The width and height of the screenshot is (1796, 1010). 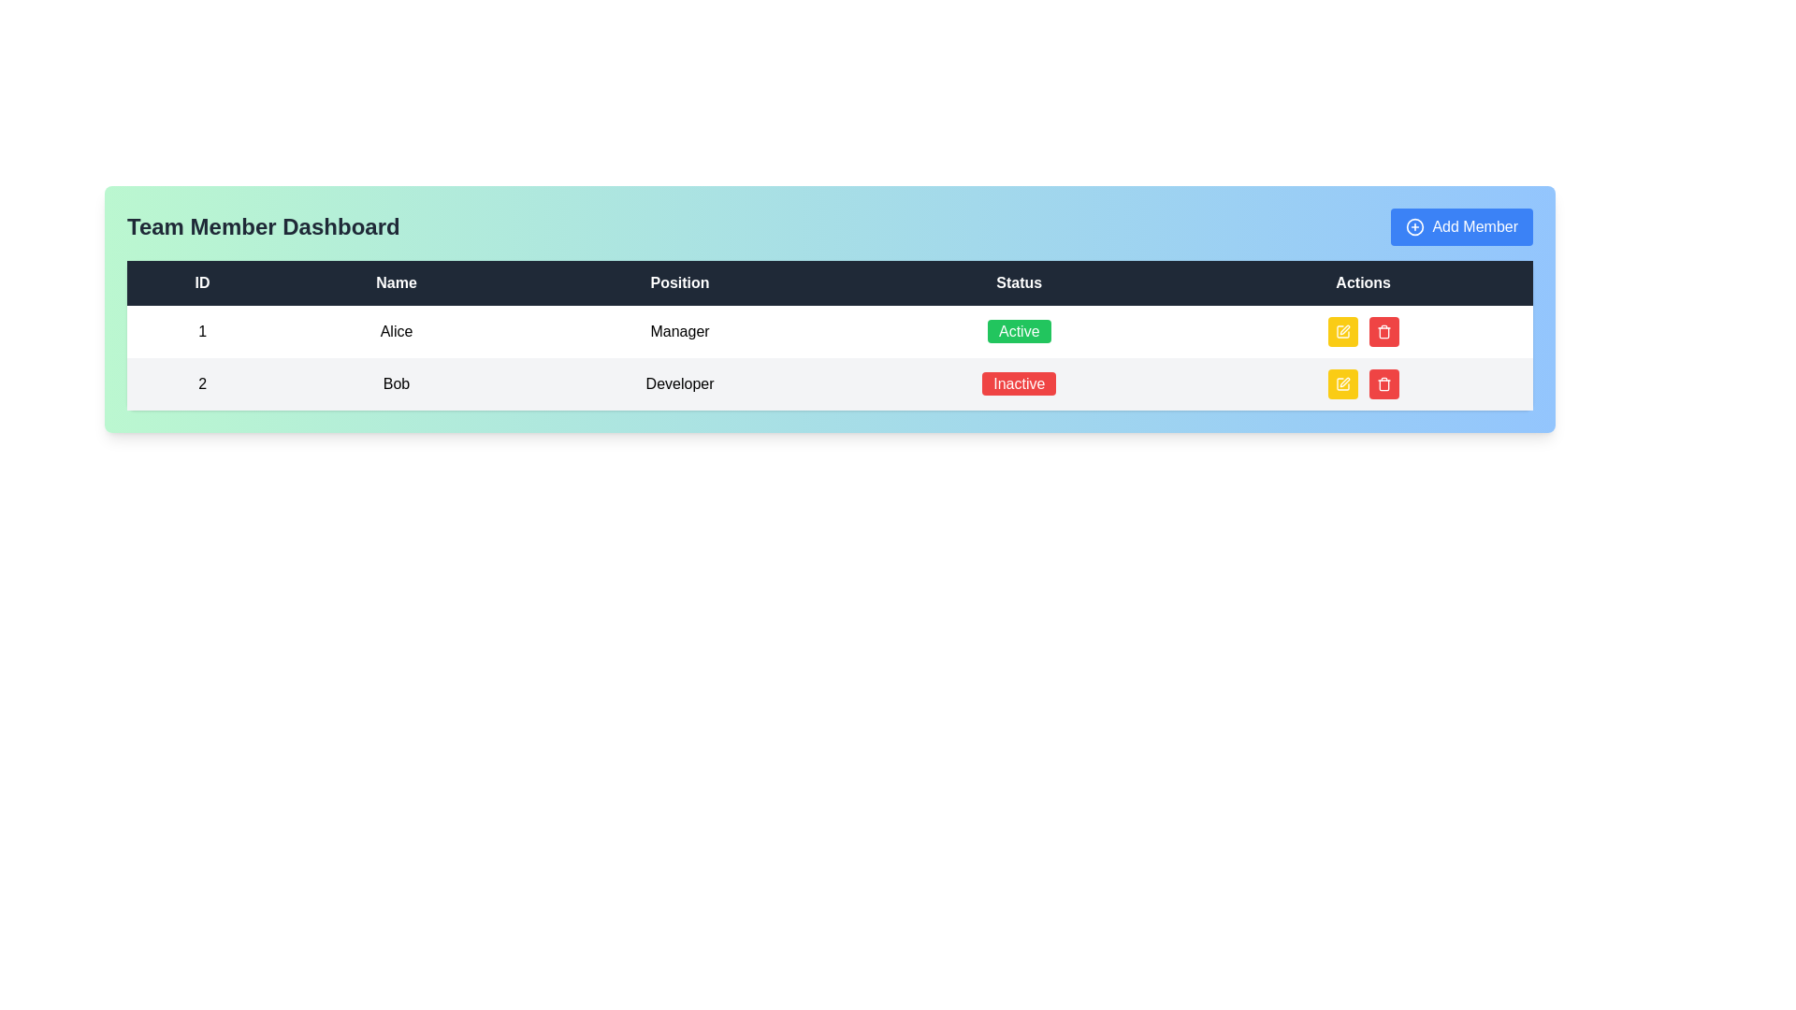 What do you see at coordinates (829, 383) in the screenshot?
I see `the second table row which represents an individual` at bounding box center [829, 383].